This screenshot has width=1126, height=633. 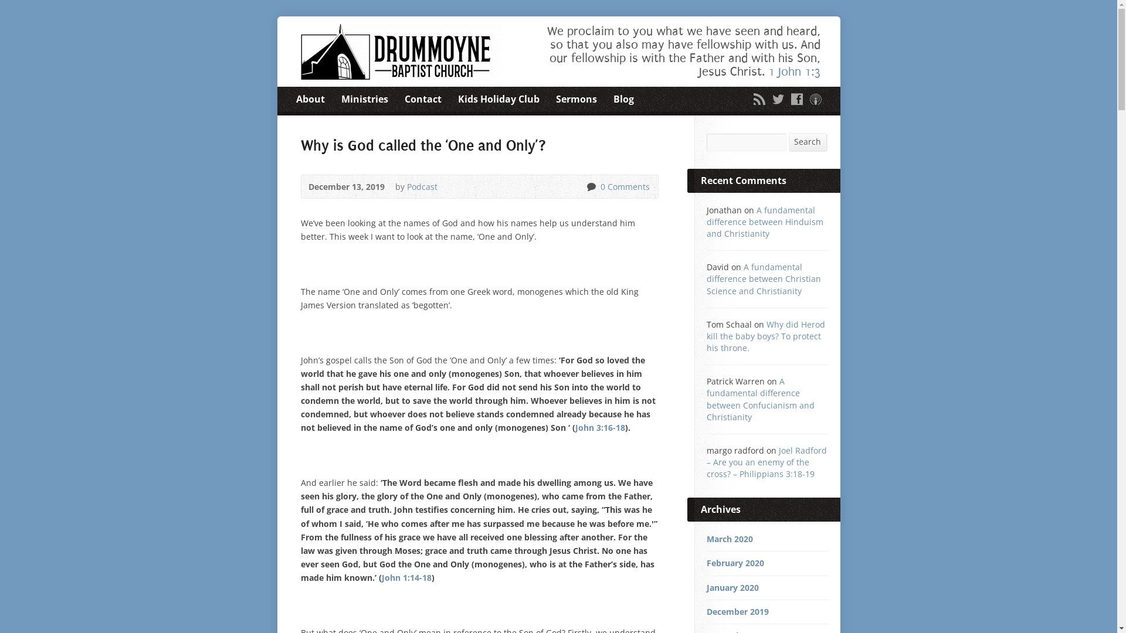 I want to click on 'Why did Herod kill the baby boys? To protect his throne.', so click(x=765, y=336).